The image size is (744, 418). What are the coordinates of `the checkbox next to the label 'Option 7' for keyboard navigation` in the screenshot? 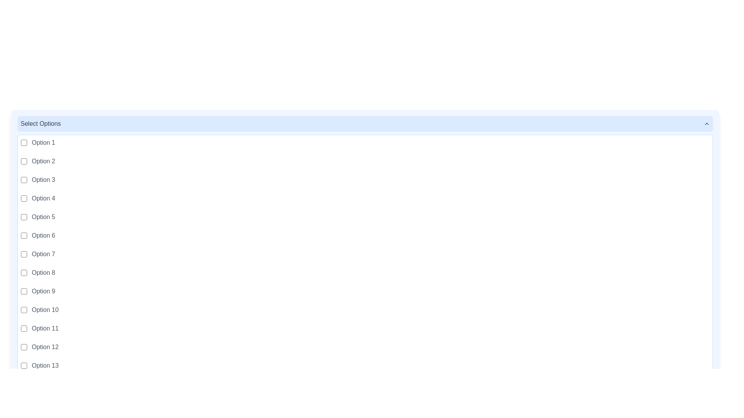 It's located at (24, 254).